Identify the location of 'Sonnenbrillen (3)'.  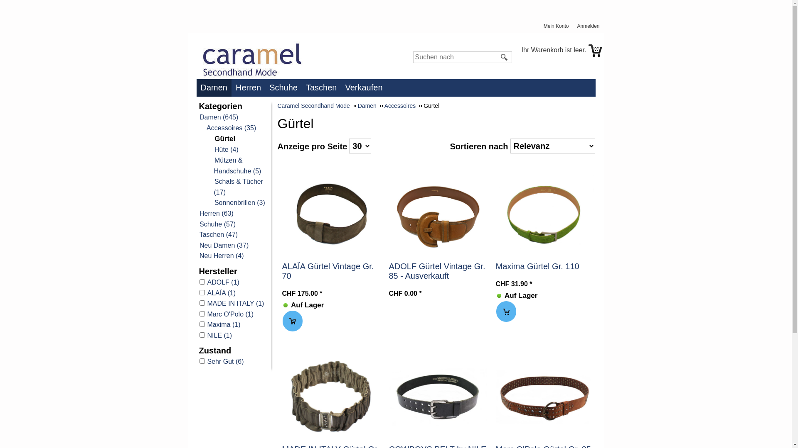
(239, 202).